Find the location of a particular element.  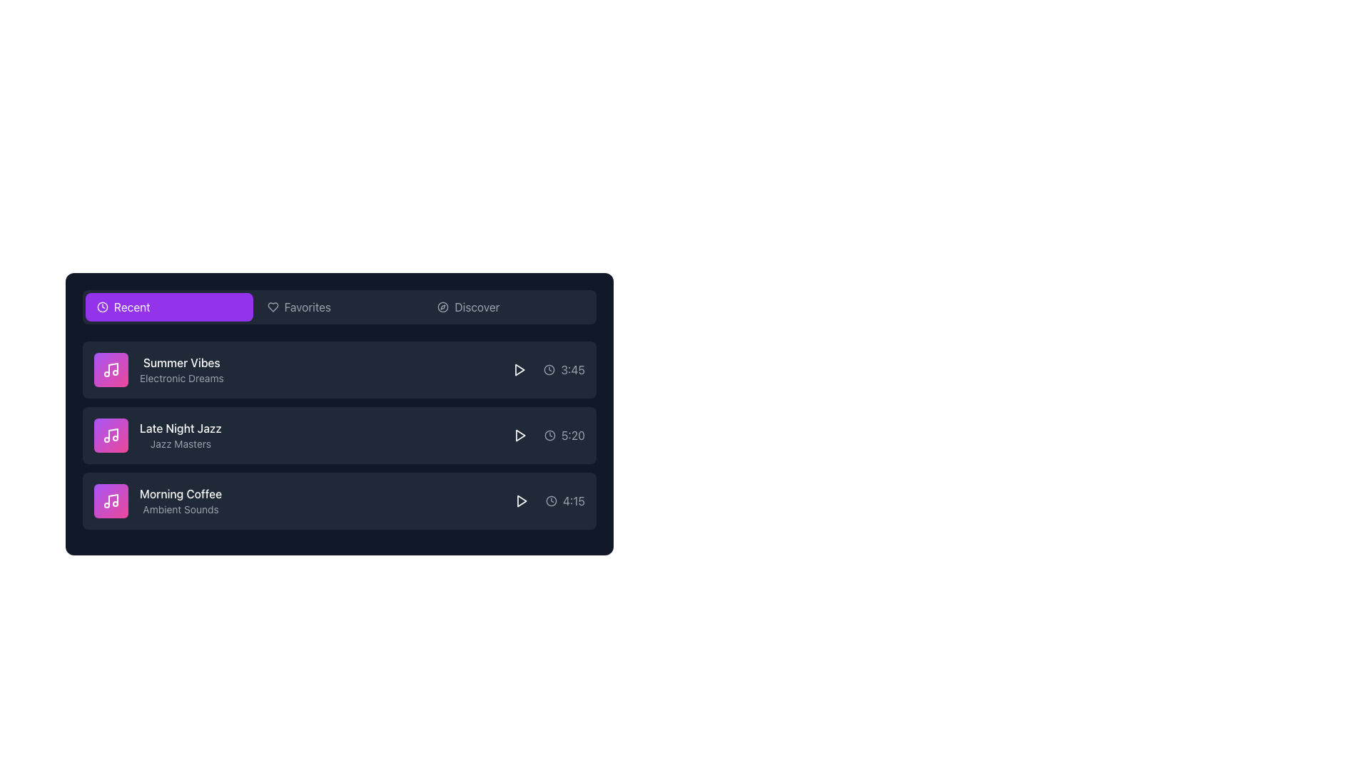

the heart-shaped Favorites icon located in the header bar of the application interface, which is centrally positioned between the 'Recent' and 'Discover' tab options is located at coordinates (273, 307).